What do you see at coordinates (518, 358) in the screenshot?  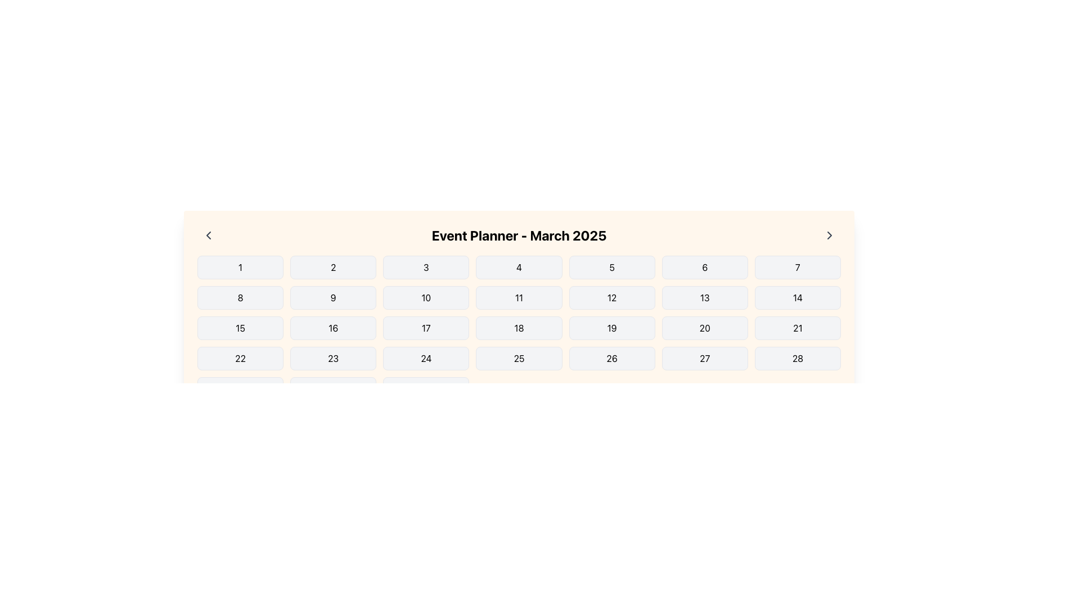 I see `the button representing the 25th day of March 2025 in the calendar, located in the fifth row and fourth column of the grid below the title 'Event Planner - March 2025'` at bounding box center [518, 358].